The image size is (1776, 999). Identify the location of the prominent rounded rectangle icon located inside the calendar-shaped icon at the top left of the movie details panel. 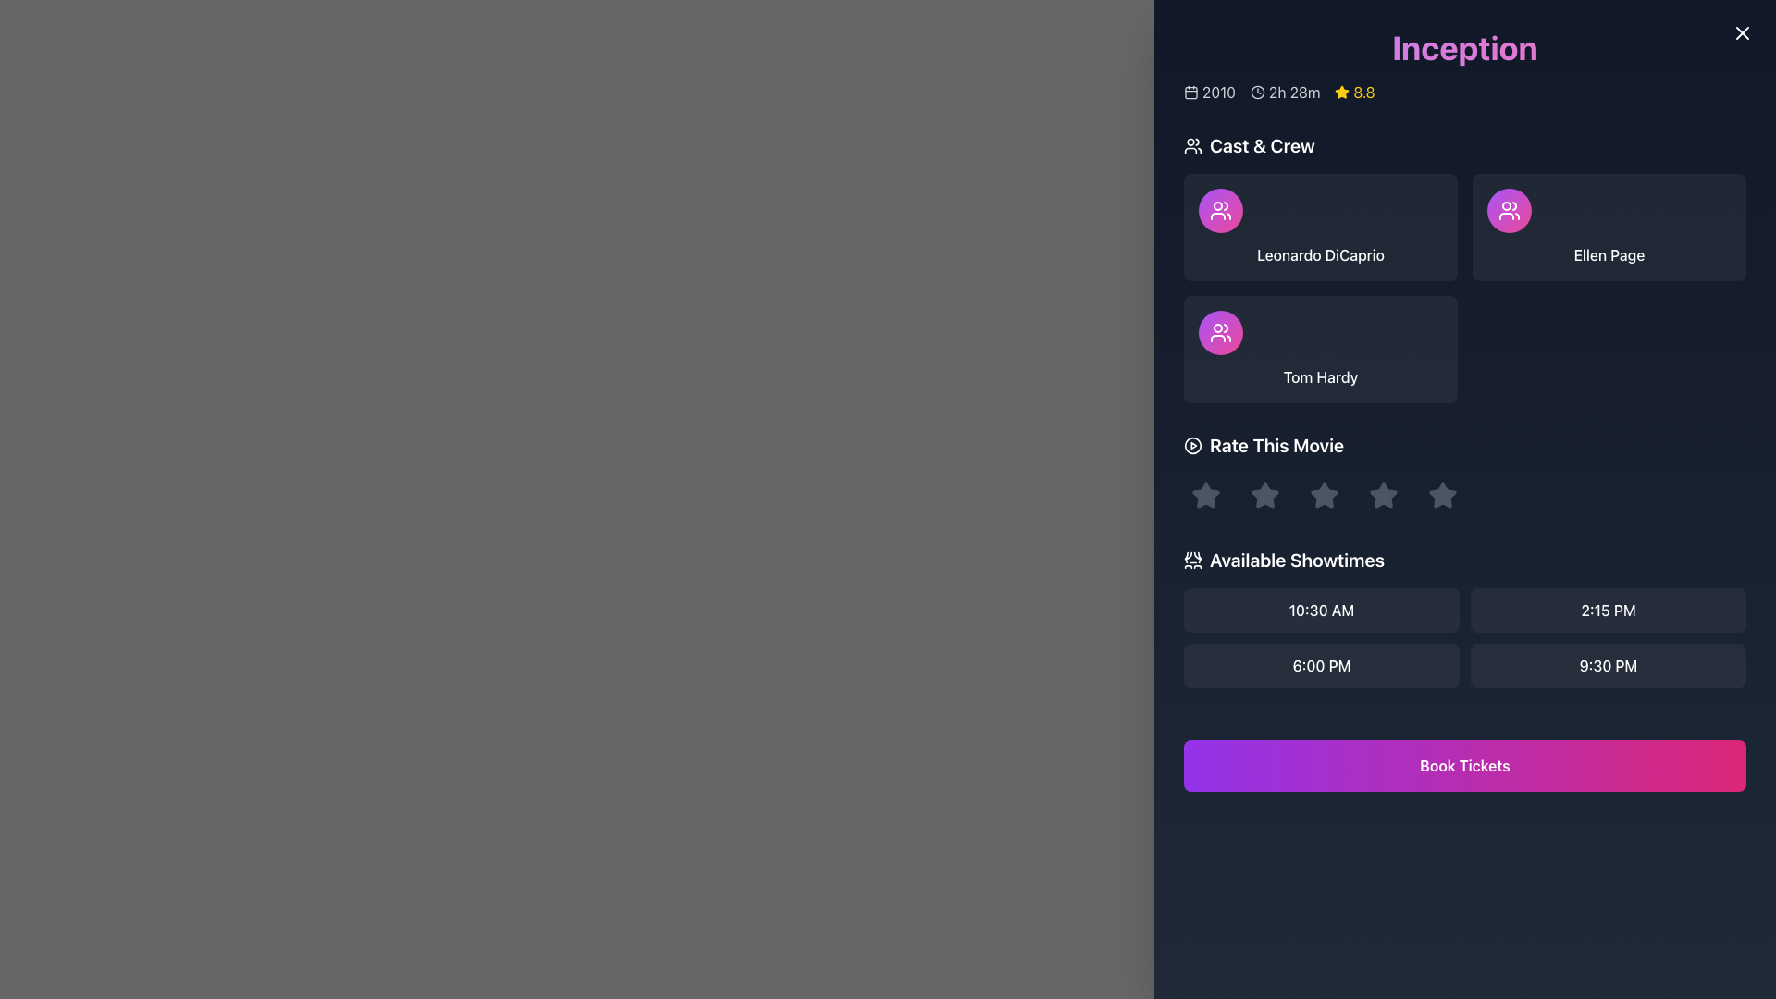
(1190, 92).